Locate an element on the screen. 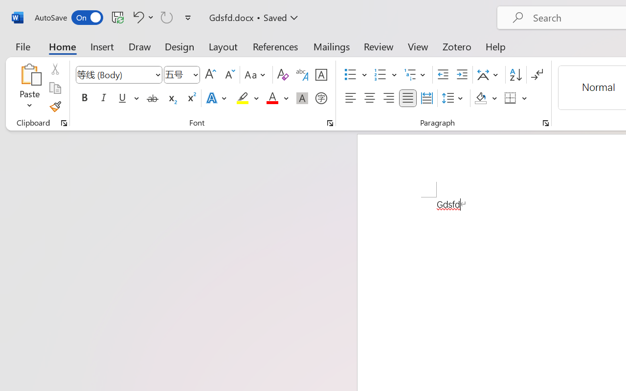 This screenshot has height=391, width=626. 'Copy' is located at coordinates (54, 87).